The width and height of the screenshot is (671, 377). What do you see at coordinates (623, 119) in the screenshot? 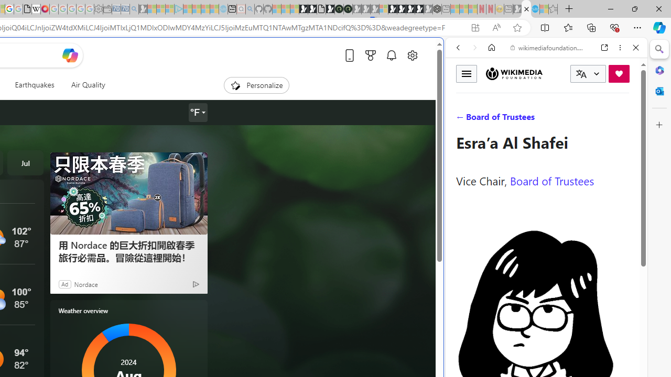
I see `'Preferences'` at bounding box center [623, 119].